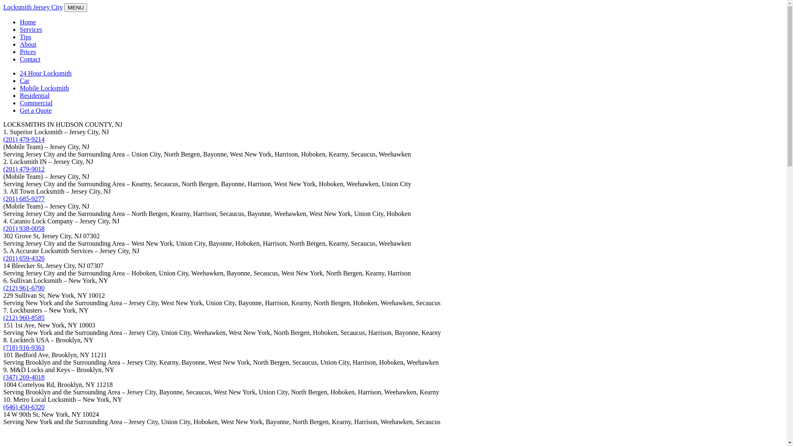  I want to click on '(201) 685-9277', so click(24, 199).